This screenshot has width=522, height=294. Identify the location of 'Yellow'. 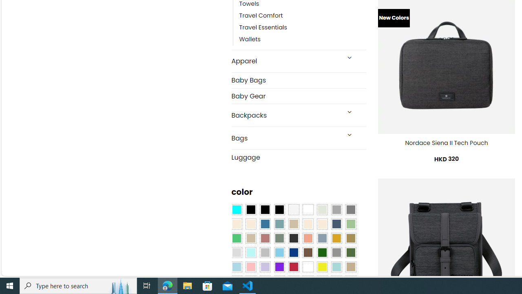
(321, 267).